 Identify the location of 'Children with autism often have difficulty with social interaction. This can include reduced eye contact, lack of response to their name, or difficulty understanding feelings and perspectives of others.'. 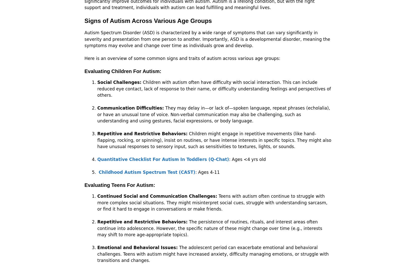
(214, 89).